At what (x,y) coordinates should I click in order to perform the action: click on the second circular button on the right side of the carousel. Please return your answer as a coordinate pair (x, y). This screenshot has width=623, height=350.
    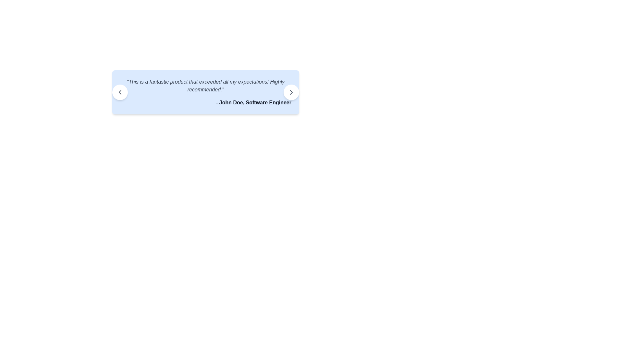
    Looking at the image, I should click on (291, 92).